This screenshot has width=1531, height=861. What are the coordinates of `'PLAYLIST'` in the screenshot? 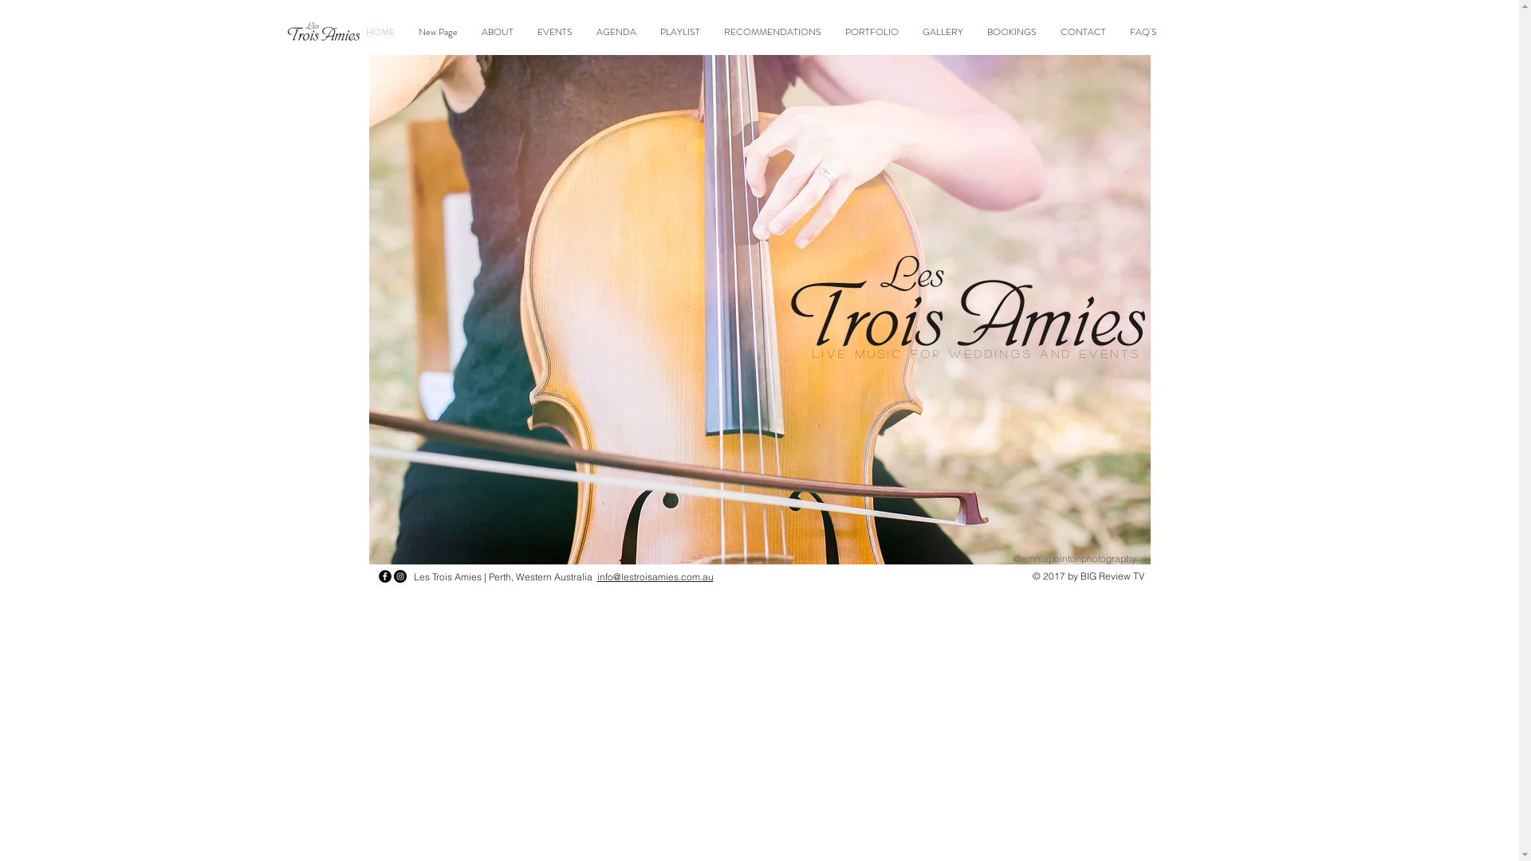 It's located at (680, 32).